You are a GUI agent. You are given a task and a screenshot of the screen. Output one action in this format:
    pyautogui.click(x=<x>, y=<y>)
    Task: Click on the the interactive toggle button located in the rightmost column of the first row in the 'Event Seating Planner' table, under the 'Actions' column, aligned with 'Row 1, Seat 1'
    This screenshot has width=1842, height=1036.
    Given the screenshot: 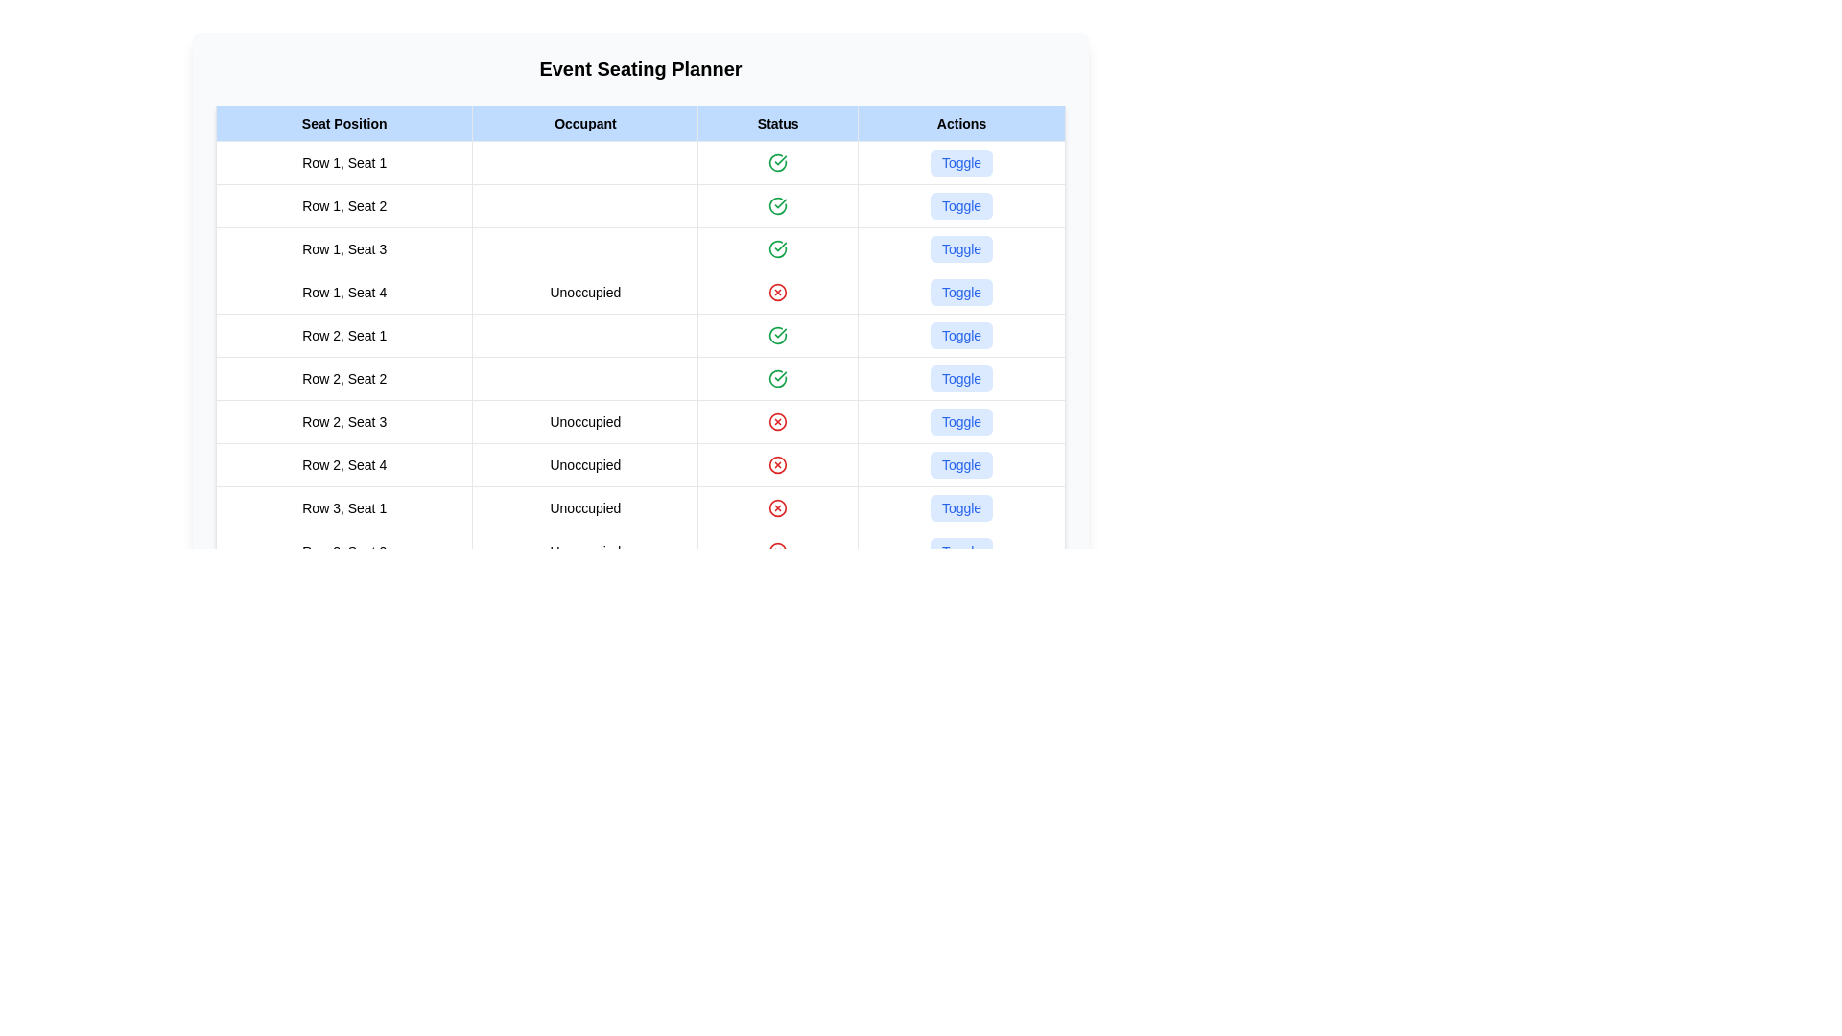 What is the action you would take?
    pyautogui.click(x=961, y=161)
    